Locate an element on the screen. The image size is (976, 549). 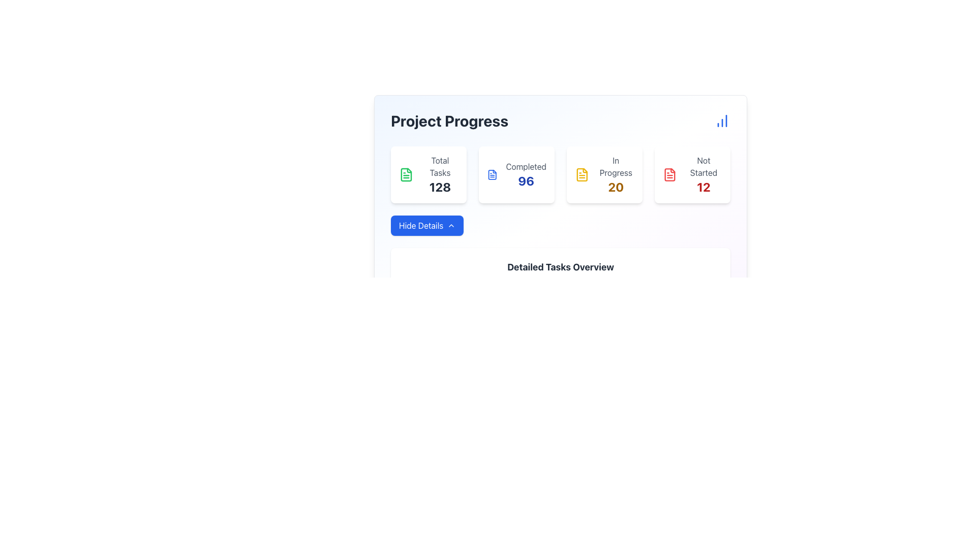
the 'In Progress' summary card is located at coordinates (615, 174).